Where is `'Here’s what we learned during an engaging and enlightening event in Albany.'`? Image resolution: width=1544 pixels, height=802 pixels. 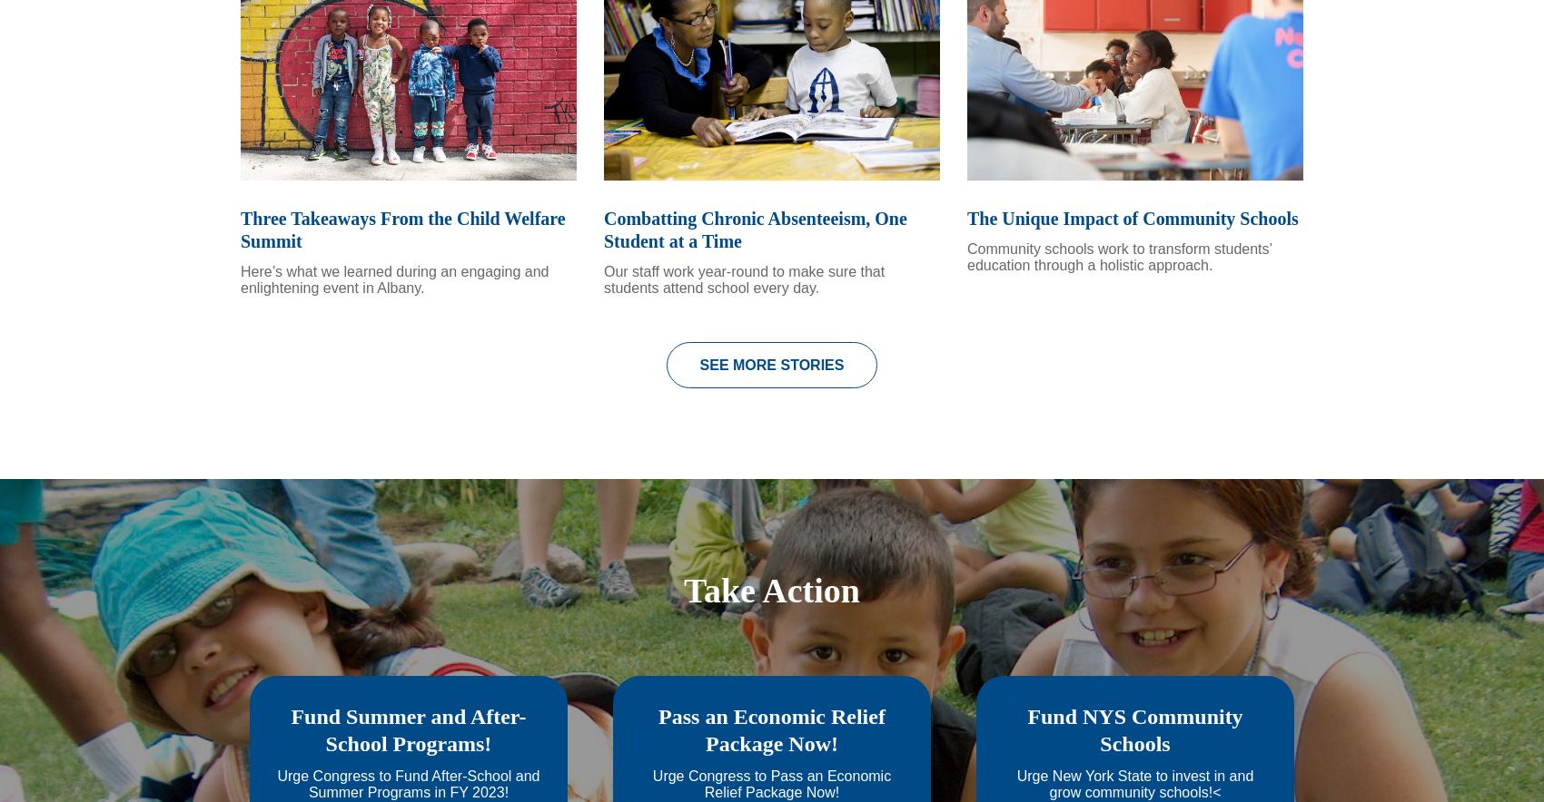 'Here’s what we learned during an engaging and enlightening event in Albany.' is located at coordinates (394, 302).